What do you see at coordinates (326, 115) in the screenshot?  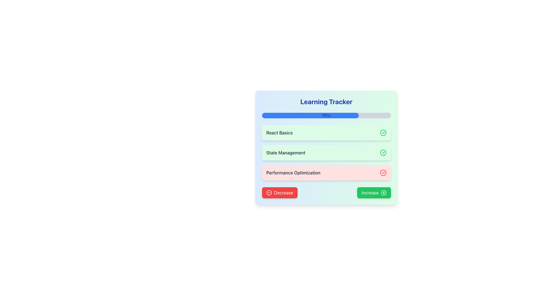 I see `the progress bar indicating 75% progress, which is located below the title 'Learning Tracker' and above the topics list` at bounding box center [326, 115].